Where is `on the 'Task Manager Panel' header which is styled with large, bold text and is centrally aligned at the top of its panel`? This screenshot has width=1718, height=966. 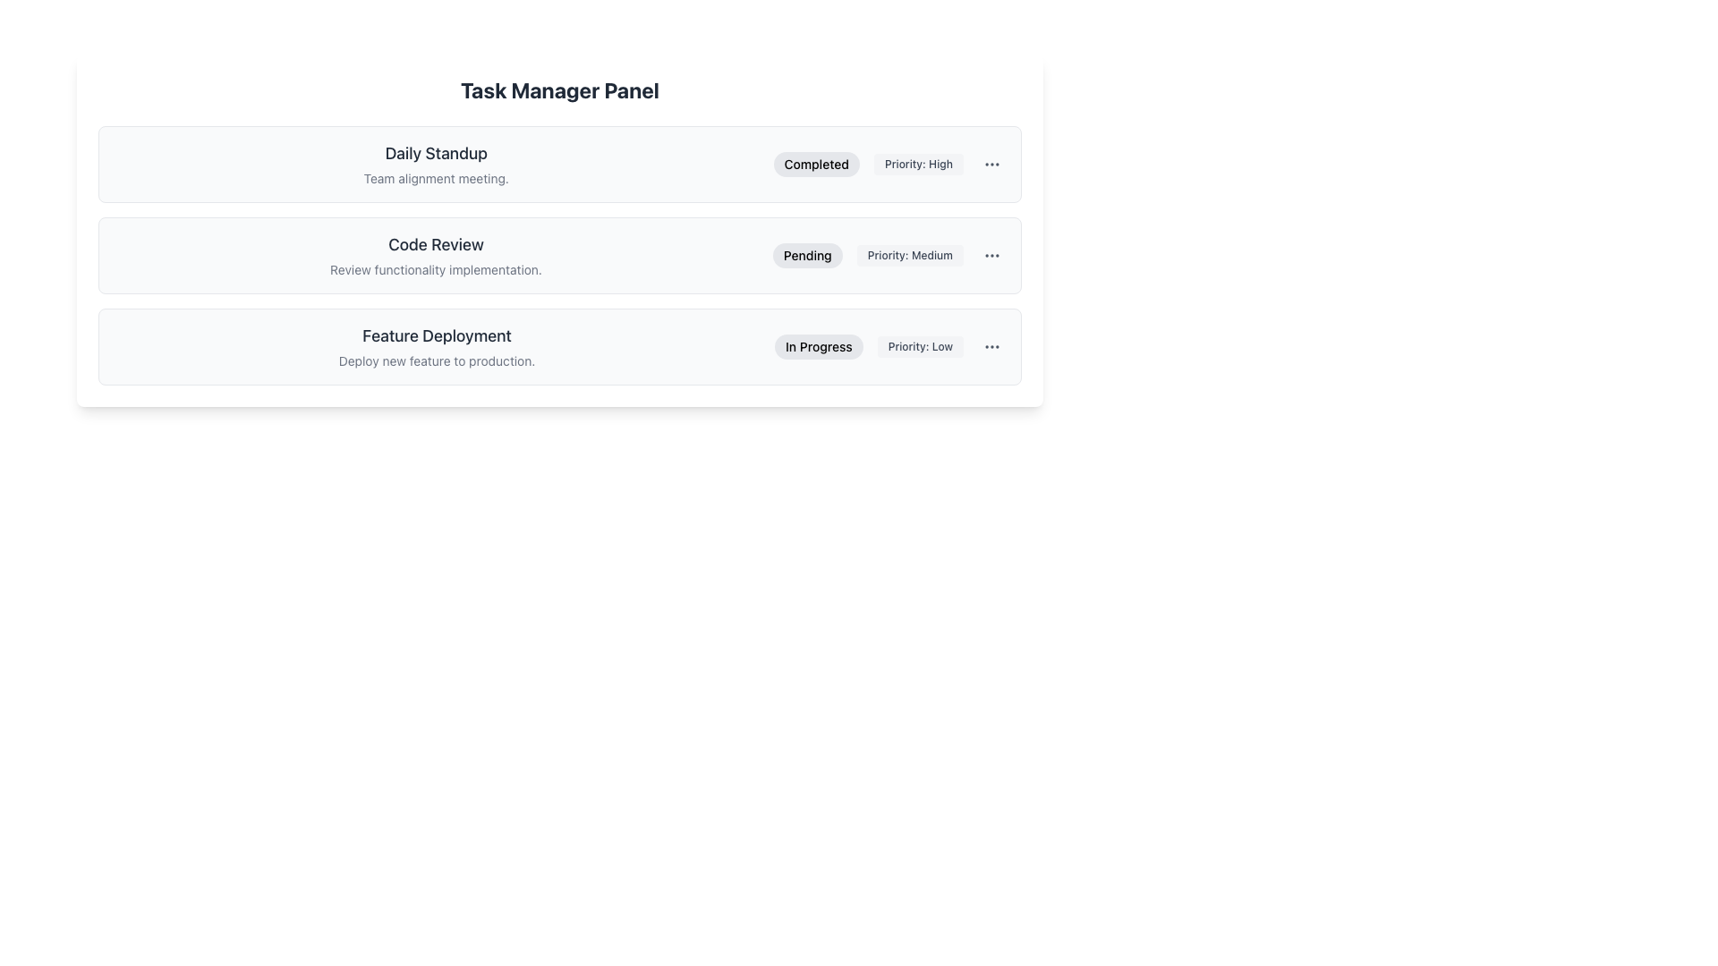
on the 'Task Manager Panel' header which is styled with large, bold text and is centrally aligned at the top of its panel is located at coordinates (558, 89).